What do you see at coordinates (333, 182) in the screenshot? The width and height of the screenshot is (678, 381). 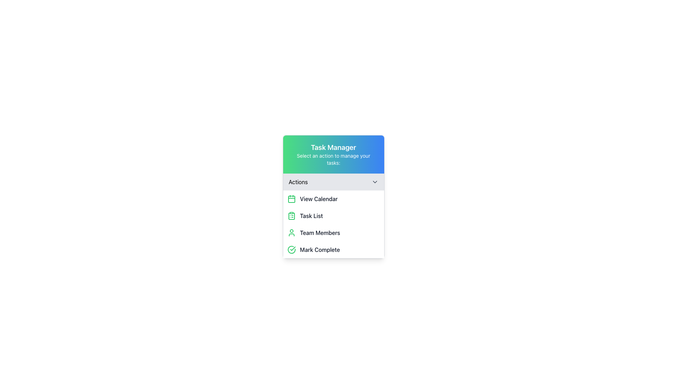 I see `the 'Actions' dropdown menu located within the 'Task Manager' panel` at bounding box center [333, 182].